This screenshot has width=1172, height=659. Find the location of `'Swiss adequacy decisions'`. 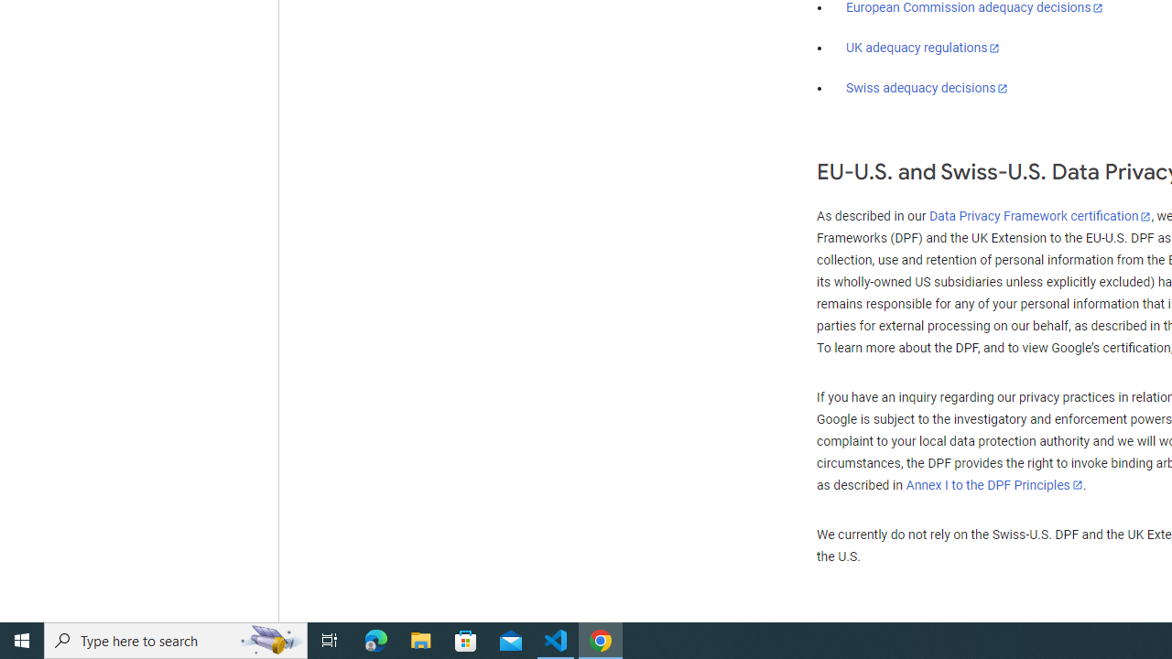

'Swiss adequacy decisions' is located at coordinates (928, 88).